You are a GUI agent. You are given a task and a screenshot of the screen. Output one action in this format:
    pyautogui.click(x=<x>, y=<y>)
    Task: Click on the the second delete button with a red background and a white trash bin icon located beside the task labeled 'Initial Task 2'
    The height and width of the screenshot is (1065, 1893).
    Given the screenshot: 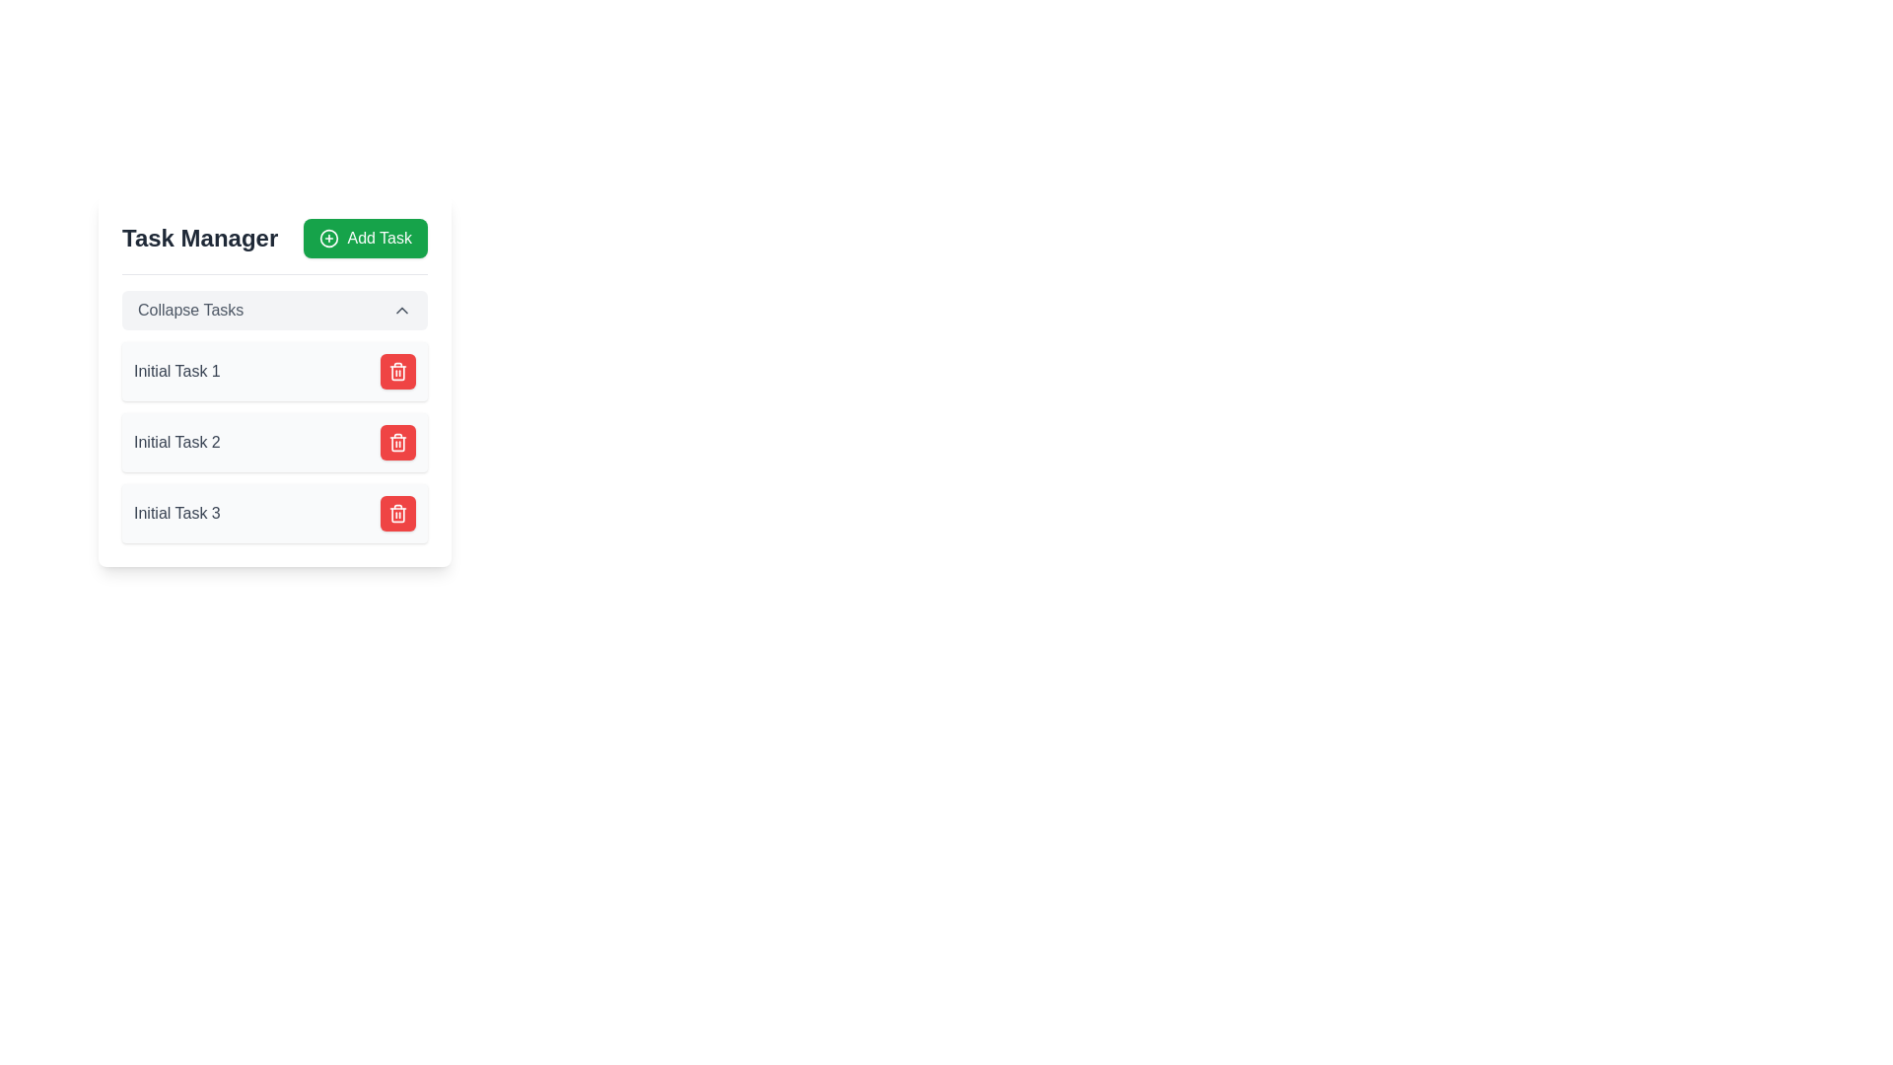 What is the action you would take?
    pyautogui.click(x=396, y=441)
    